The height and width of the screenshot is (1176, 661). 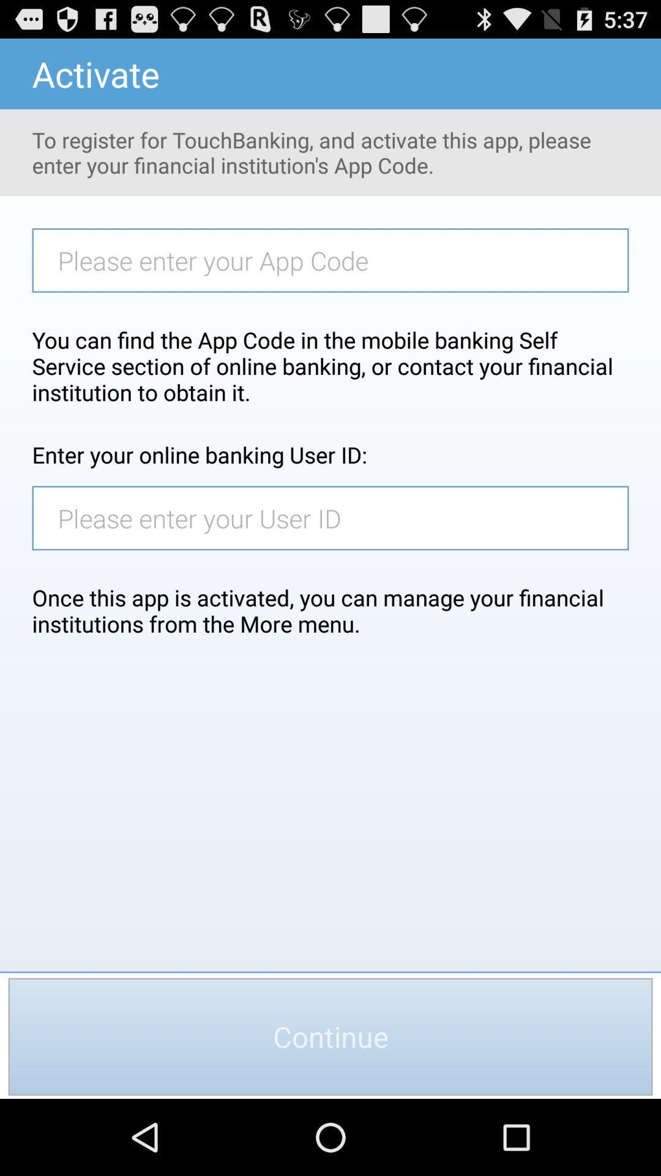 What do you see at coordinates (330, 1036) in the screenshot?
I see `the continue at the bottom` at bounding box center [330, 1036].